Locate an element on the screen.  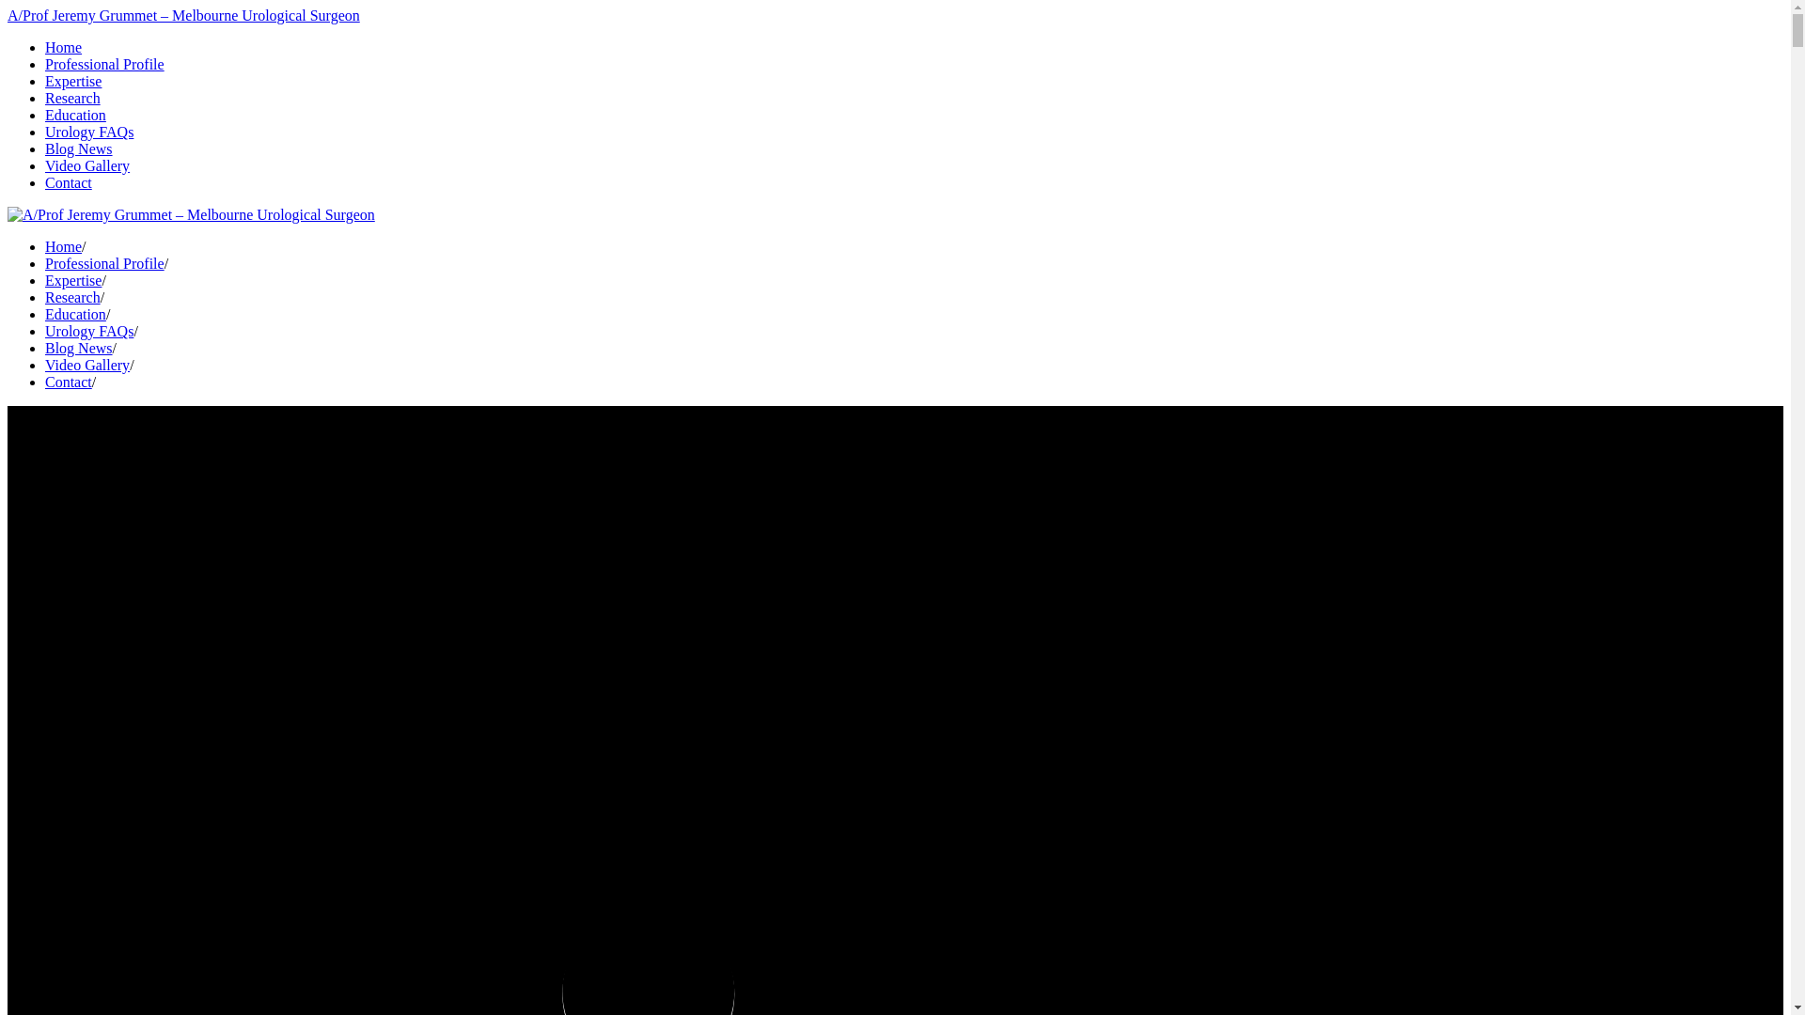
'Home' is located at coordinates (63, 46).